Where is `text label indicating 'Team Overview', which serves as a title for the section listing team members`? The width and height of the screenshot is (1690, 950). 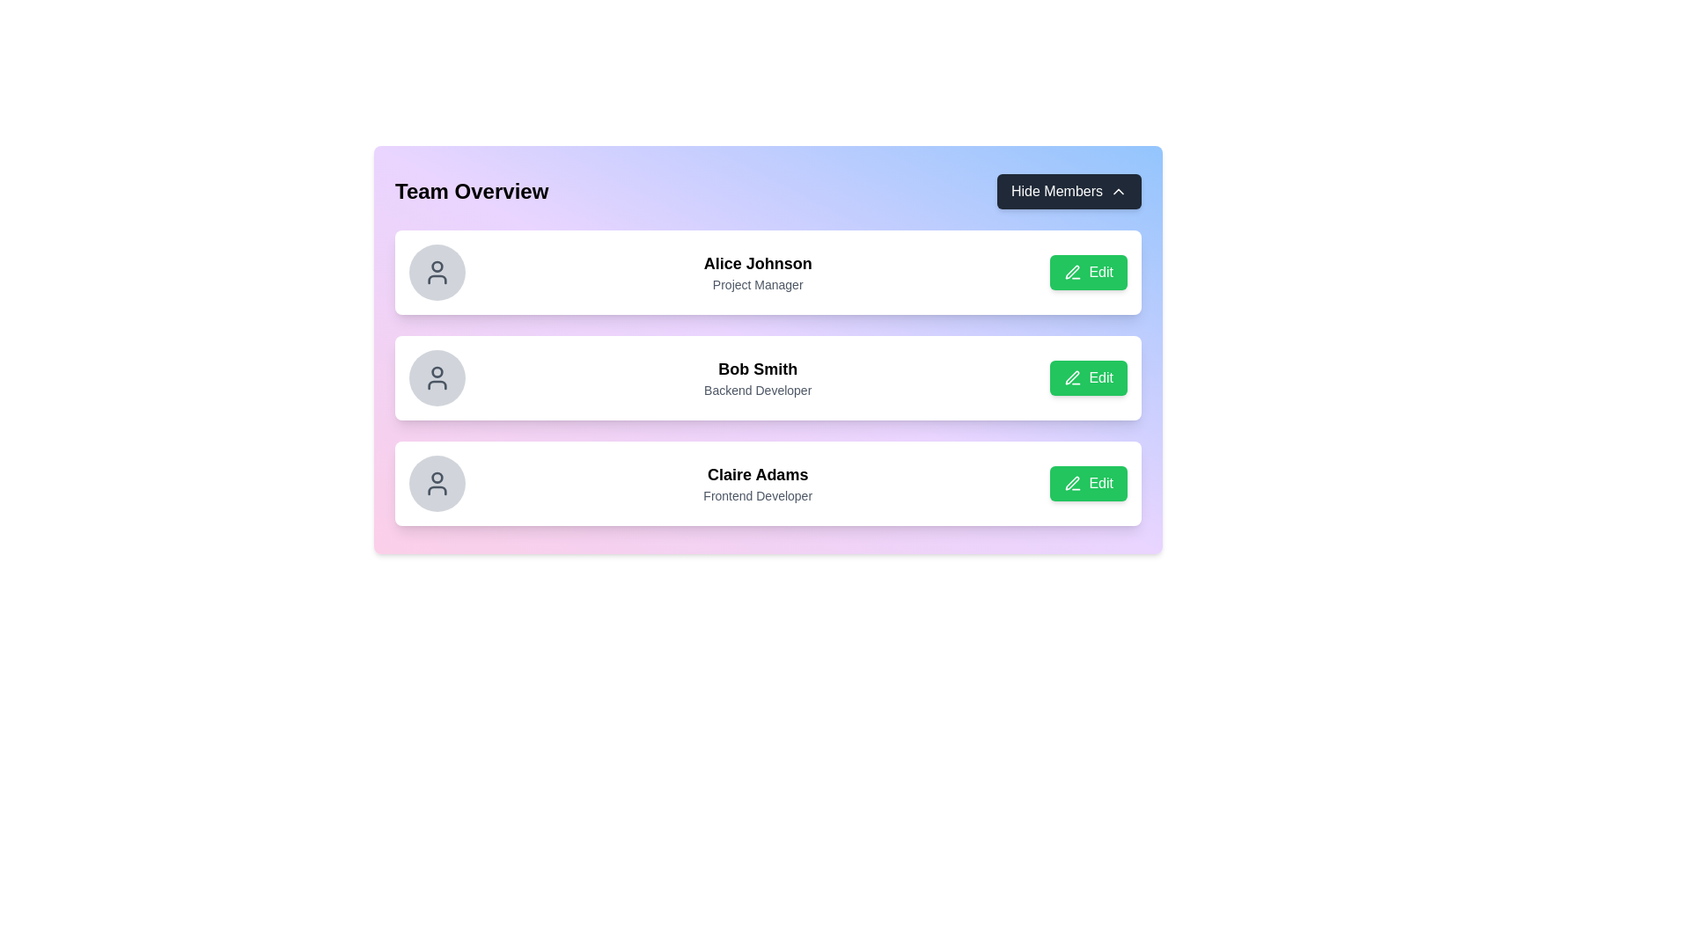
text label indicating 'Team Overview', which serves as a title for the section listing team members is located at coordinates (472, 192).